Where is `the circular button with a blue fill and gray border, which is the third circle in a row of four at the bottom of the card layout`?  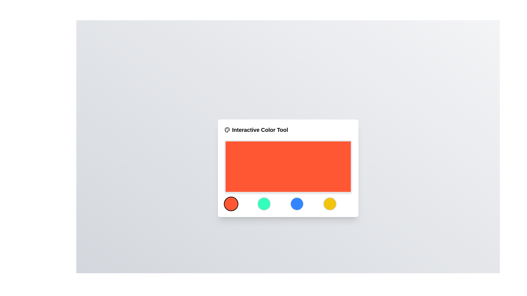
the circular button with a blue fill and gray border, which is the third circle in a row of four at the bottom of the card layout is located at coordinates (296, 204).